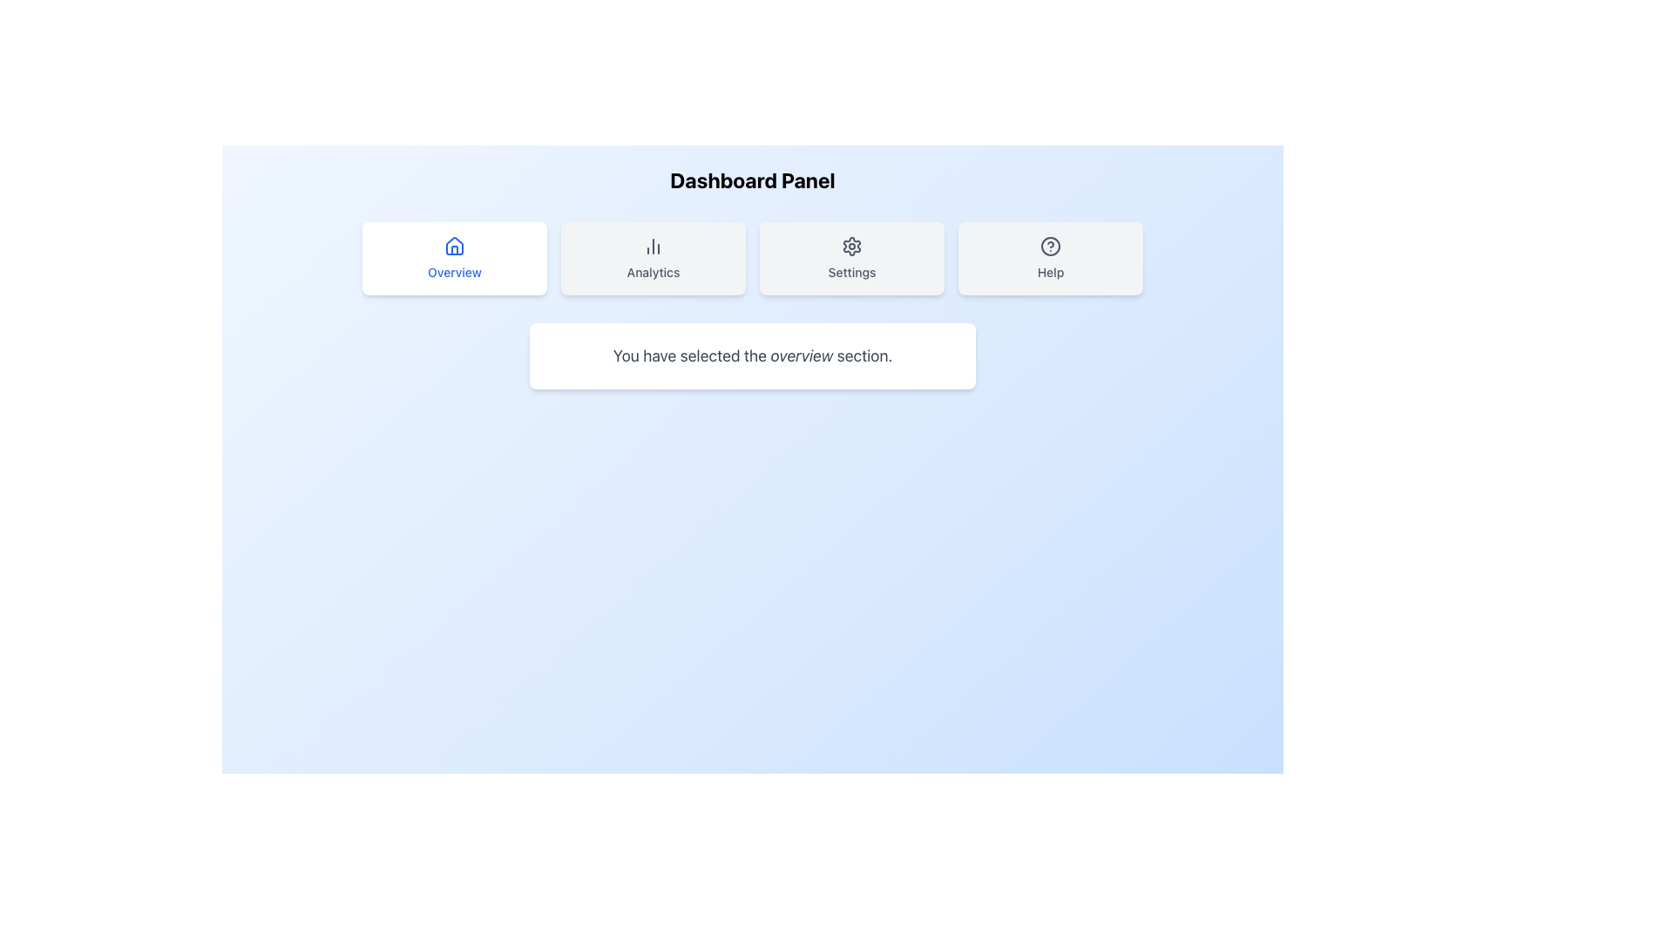  Describe the element at coordinates (652, 272) in the screenshot. I see `the text label displaying 'Analytics' in gray color, located beneath the column chart icon in the menu bar` at that location.